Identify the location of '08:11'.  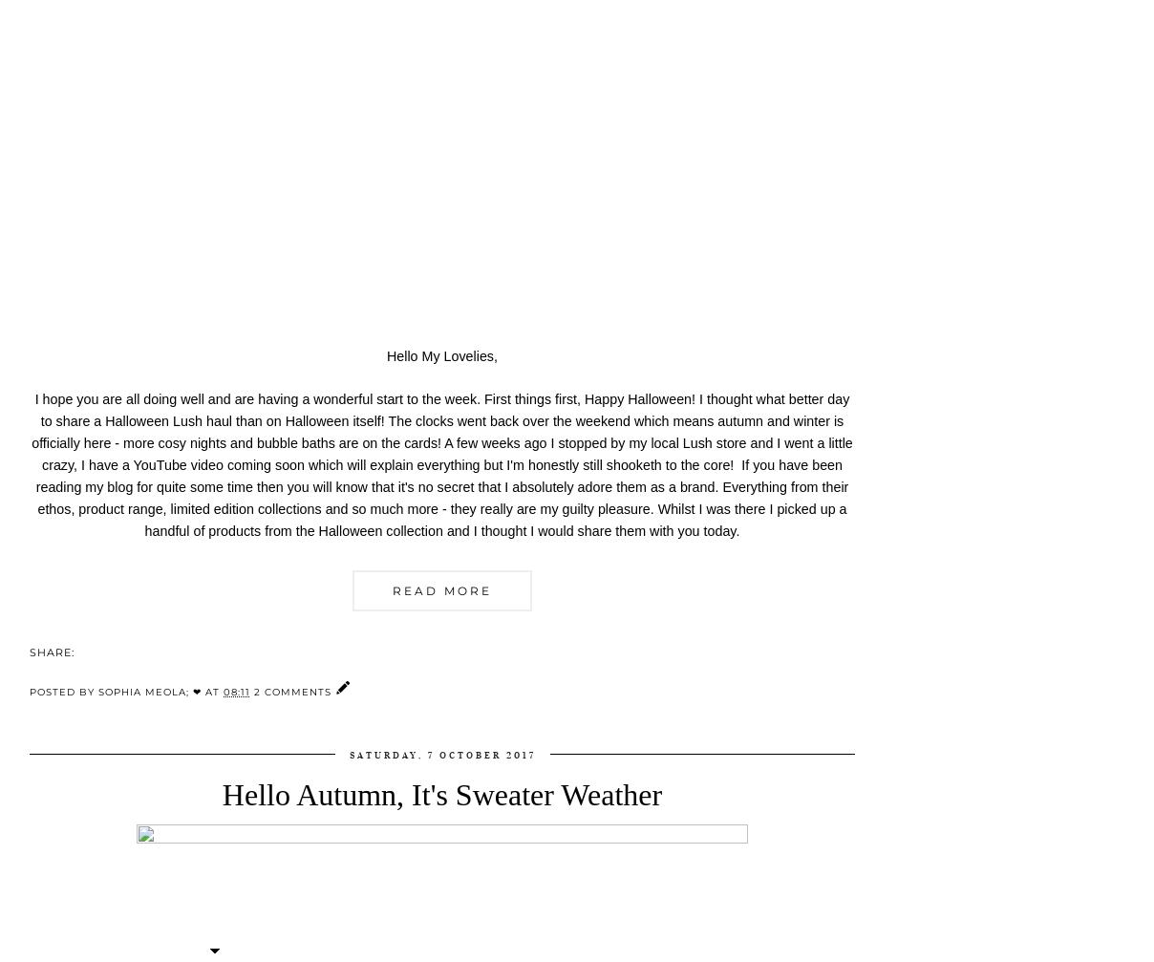
(237, 691).